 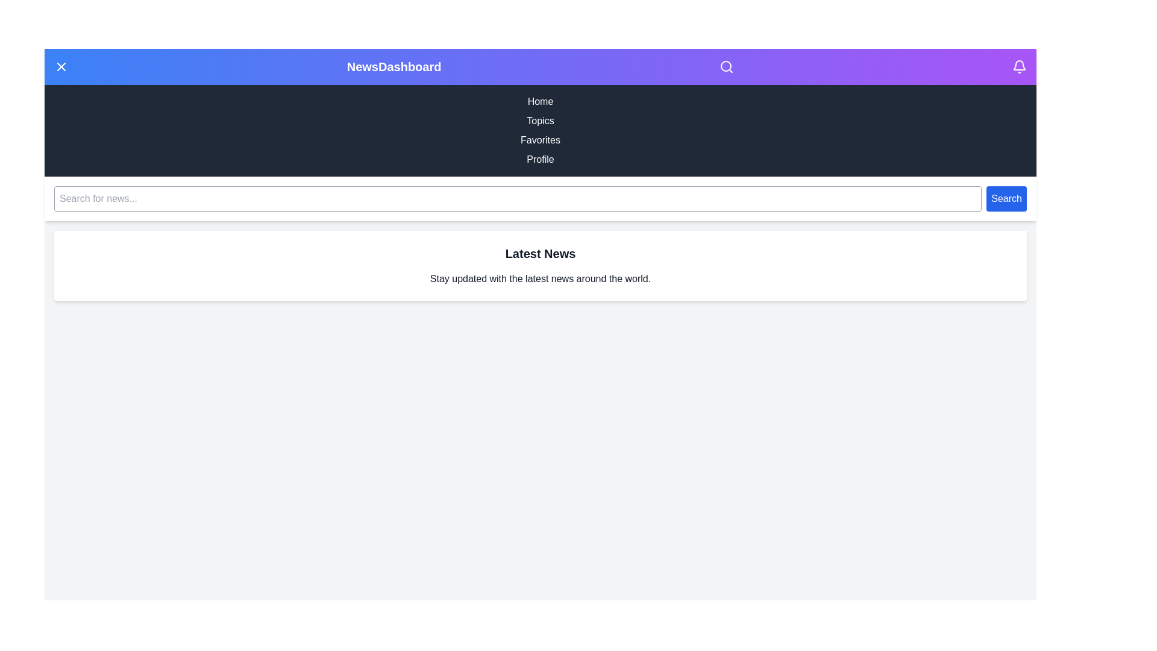 What do you see at coordinates (540, 139) in the screenshot?
I see `the navigation menu item Favorites` at bounding box center [540, 139].